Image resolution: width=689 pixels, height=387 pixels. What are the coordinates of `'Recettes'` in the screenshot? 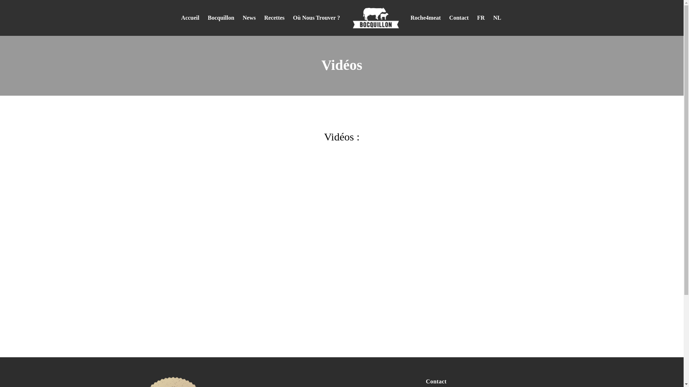 It's located at (260, 18).